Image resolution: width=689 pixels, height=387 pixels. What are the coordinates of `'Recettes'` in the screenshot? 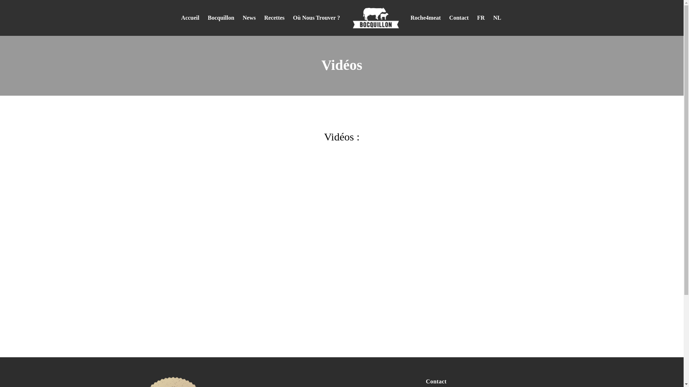 It's located at (260, 18).